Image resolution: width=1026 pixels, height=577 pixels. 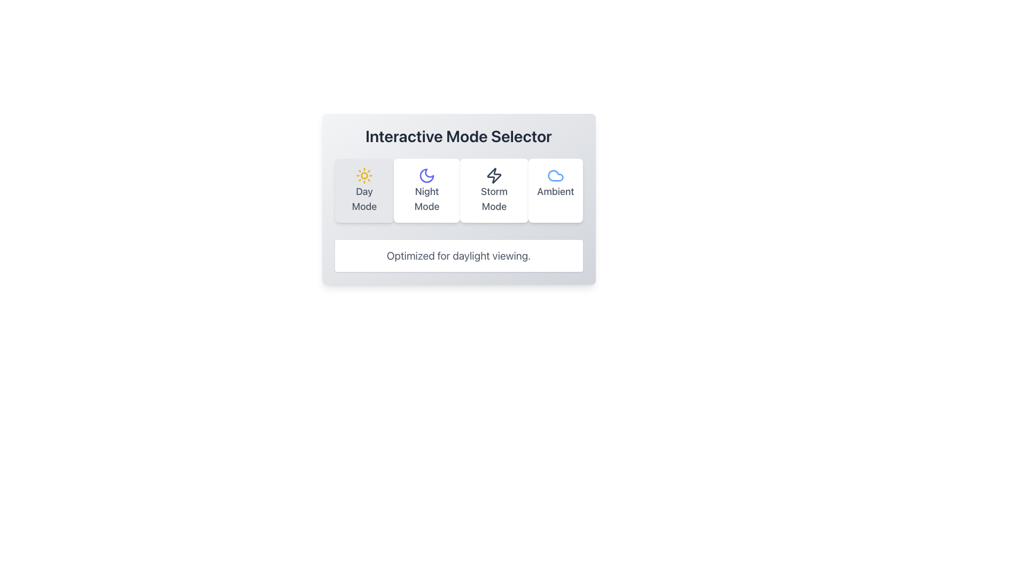 What do you see at coordinates (458, 199) in the screenshot?
I see `the 'Night Mode' button, which is the second item in a horizontal list of four mode-selection buttons below the title 'Interactive Mode Selector'` at bounding box center [458, 199].